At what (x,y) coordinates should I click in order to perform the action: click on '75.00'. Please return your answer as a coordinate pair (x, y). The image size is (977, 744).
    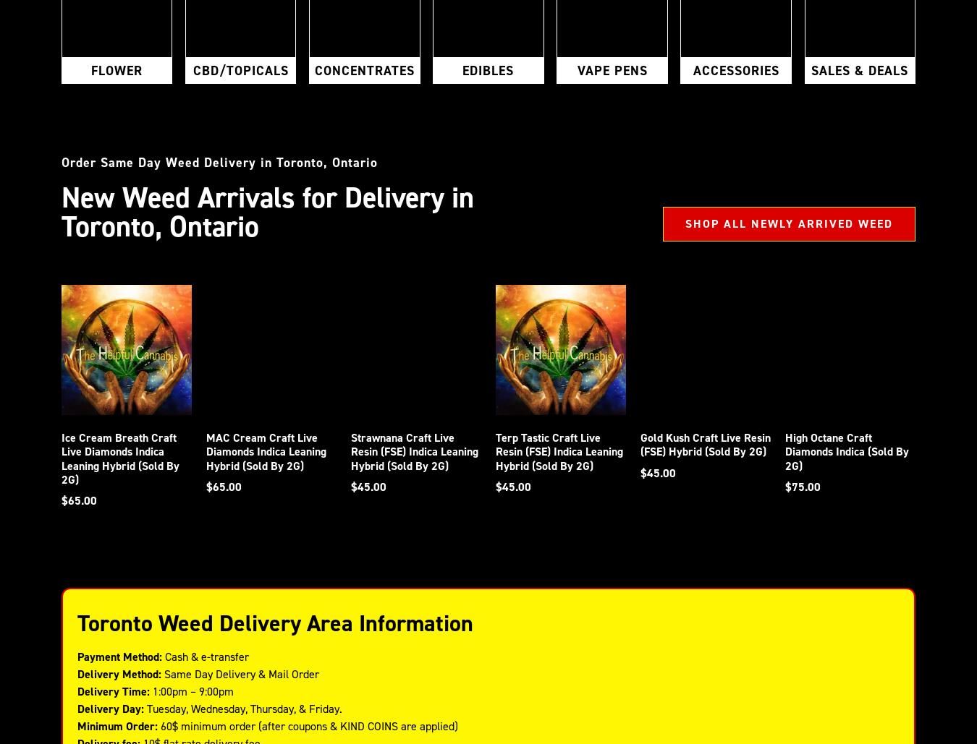
    Looking at the image, I should click on (806, 485).